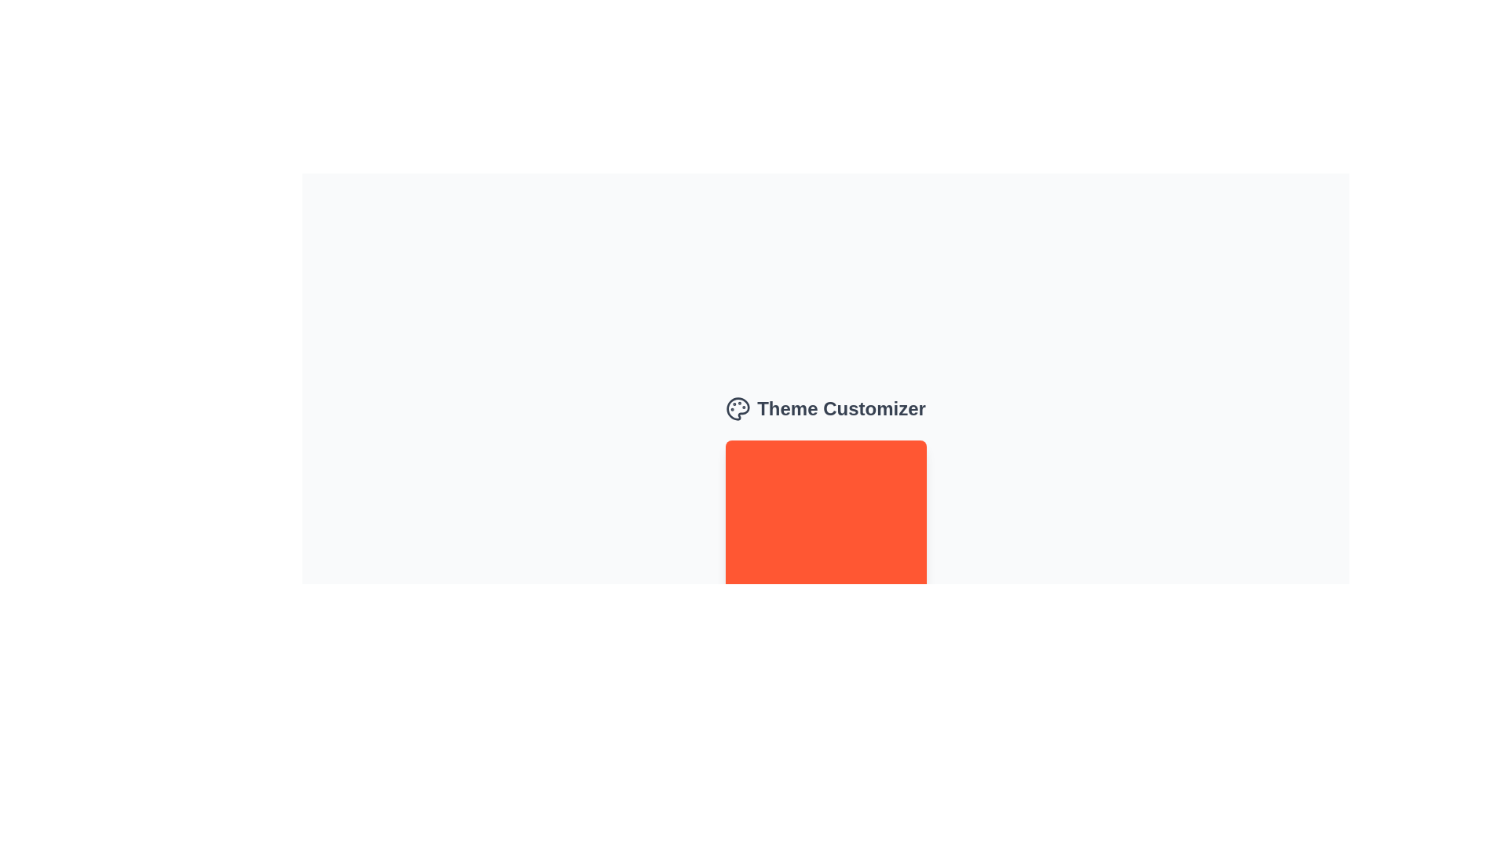 The image size is (1508, 848). I want to click on the artistic tool icon, which resembles an artist's palette and is positioned, so click(738, 408).